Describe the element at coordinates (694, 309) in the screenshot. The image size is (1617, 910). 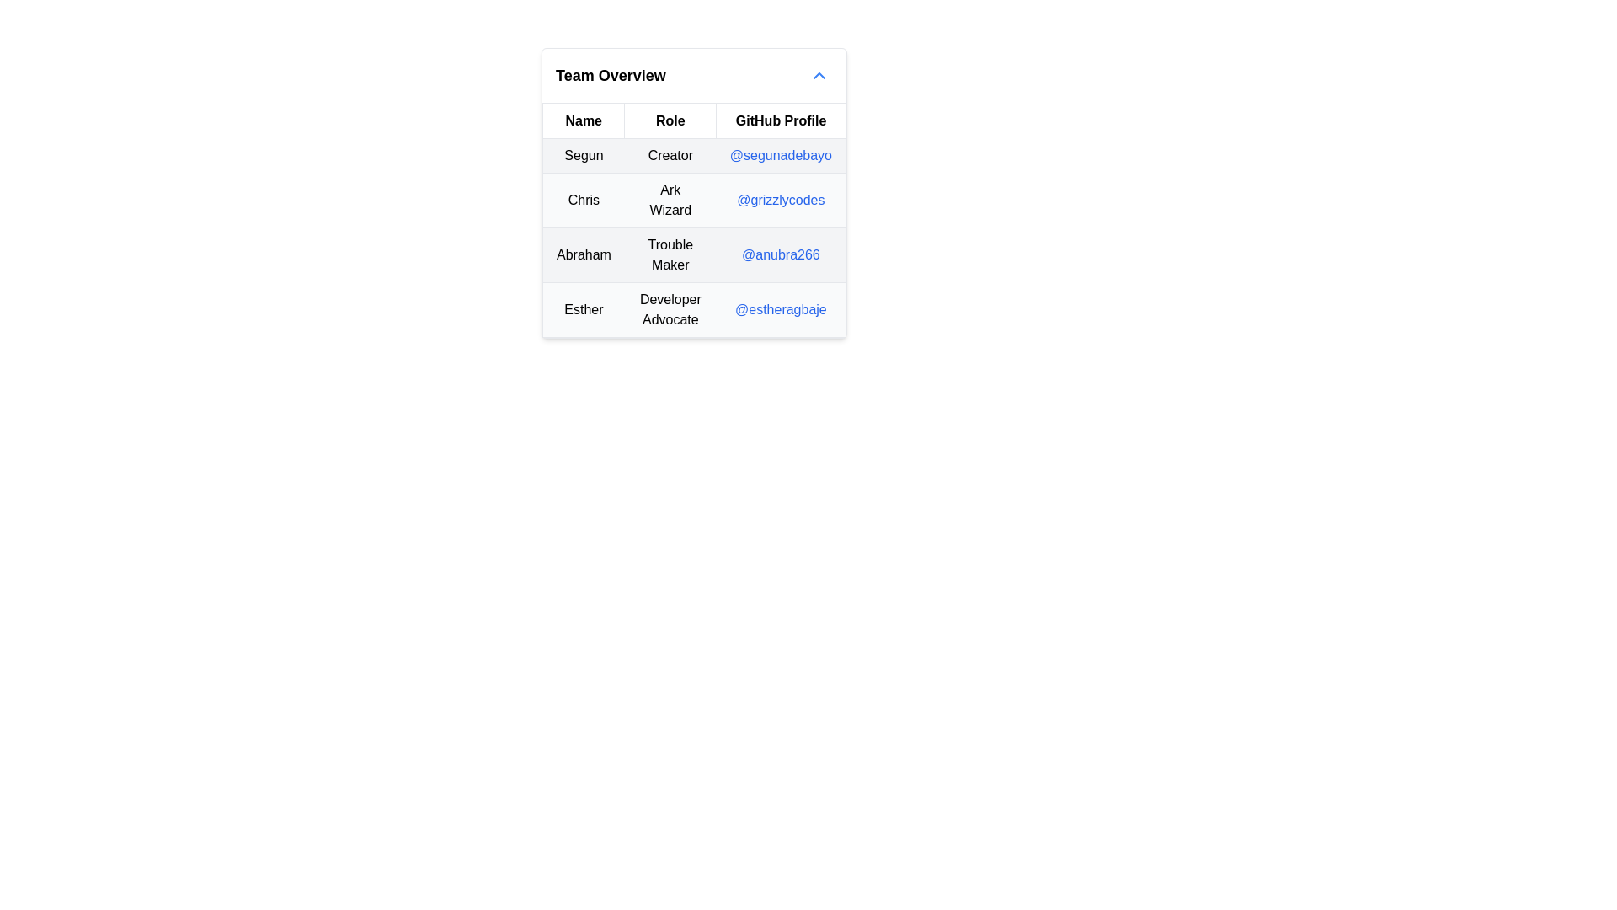
I see `information presented in the last row of the table, which includes the name 'Esther', the role 'Developer Advocate', and the clickable GitHub username '@estheragbaje'` at that location.